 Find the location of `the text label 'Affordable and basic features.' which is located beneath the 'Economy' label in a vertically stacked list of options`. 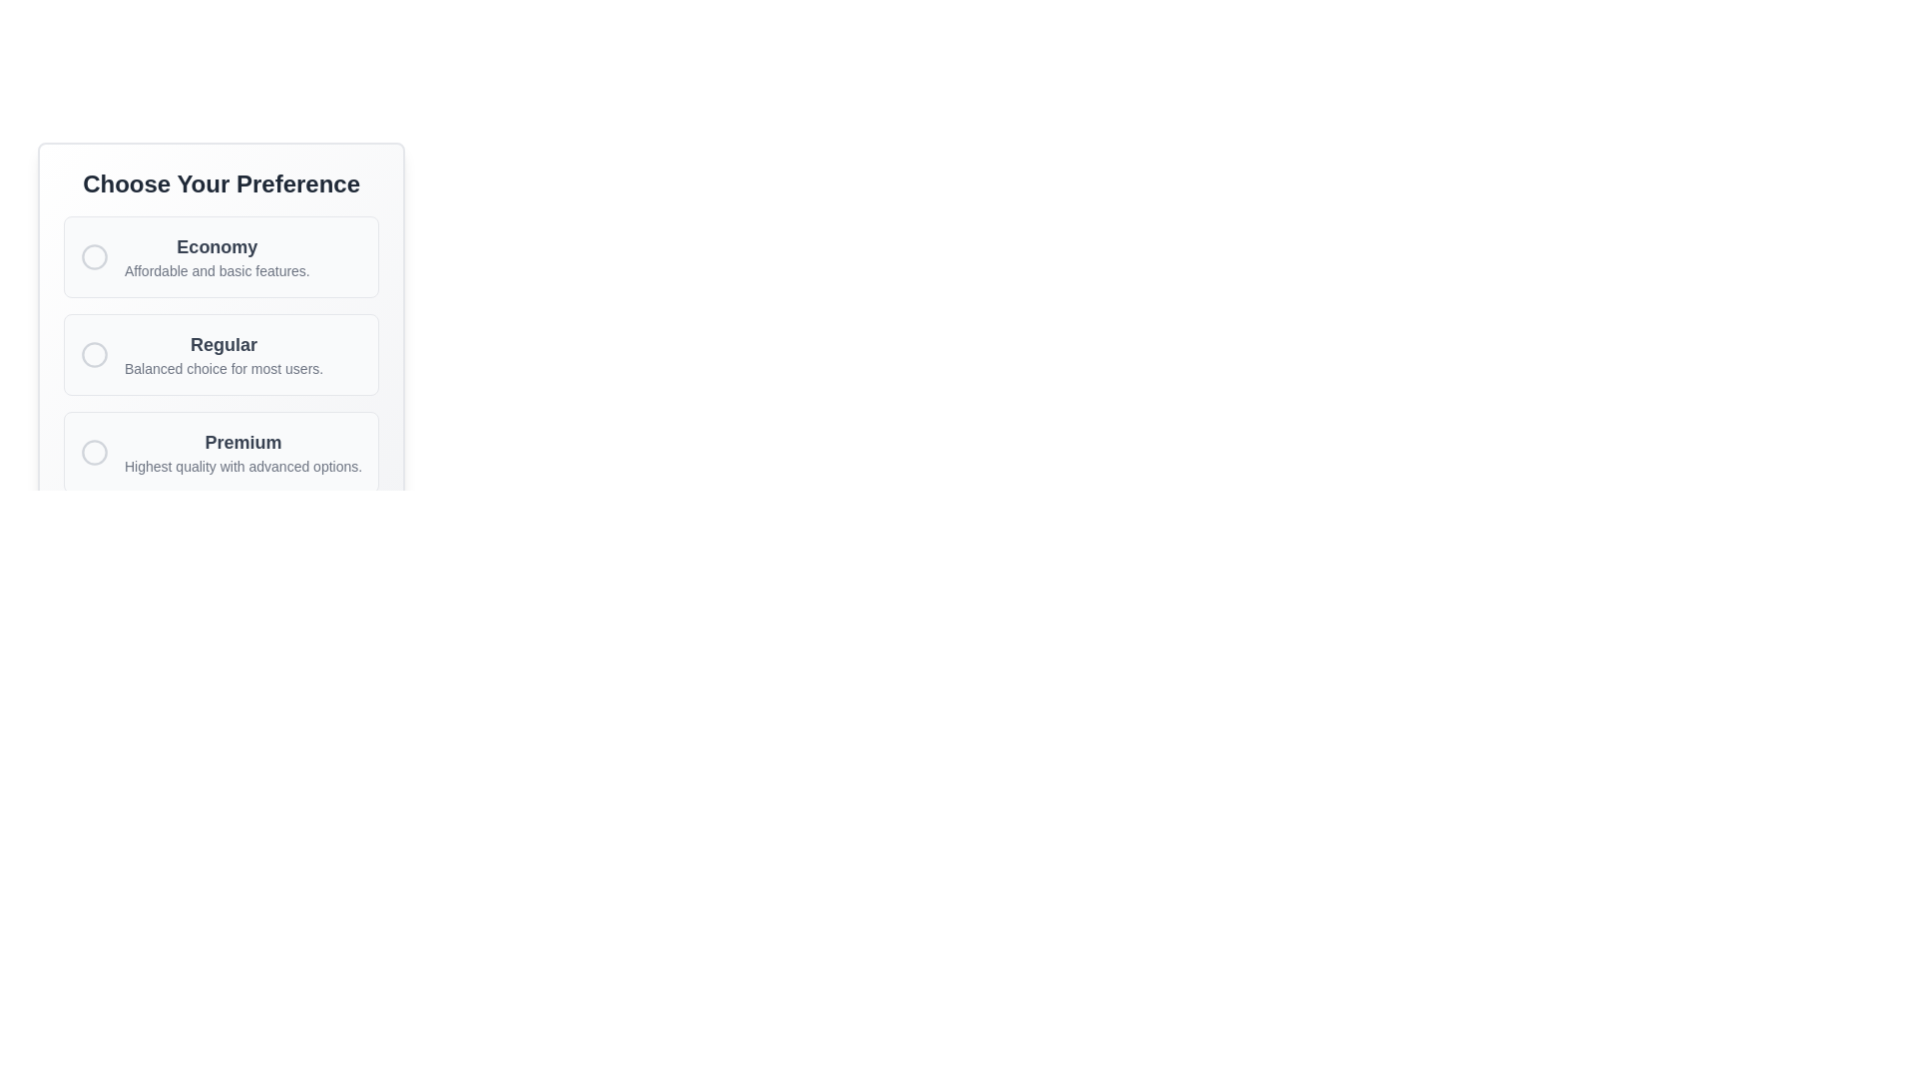

the text label 'Affordable and basic features.' which is located beneath the 'Economy' label in a vertically stacked list of options is located at coordinates (217, 271).